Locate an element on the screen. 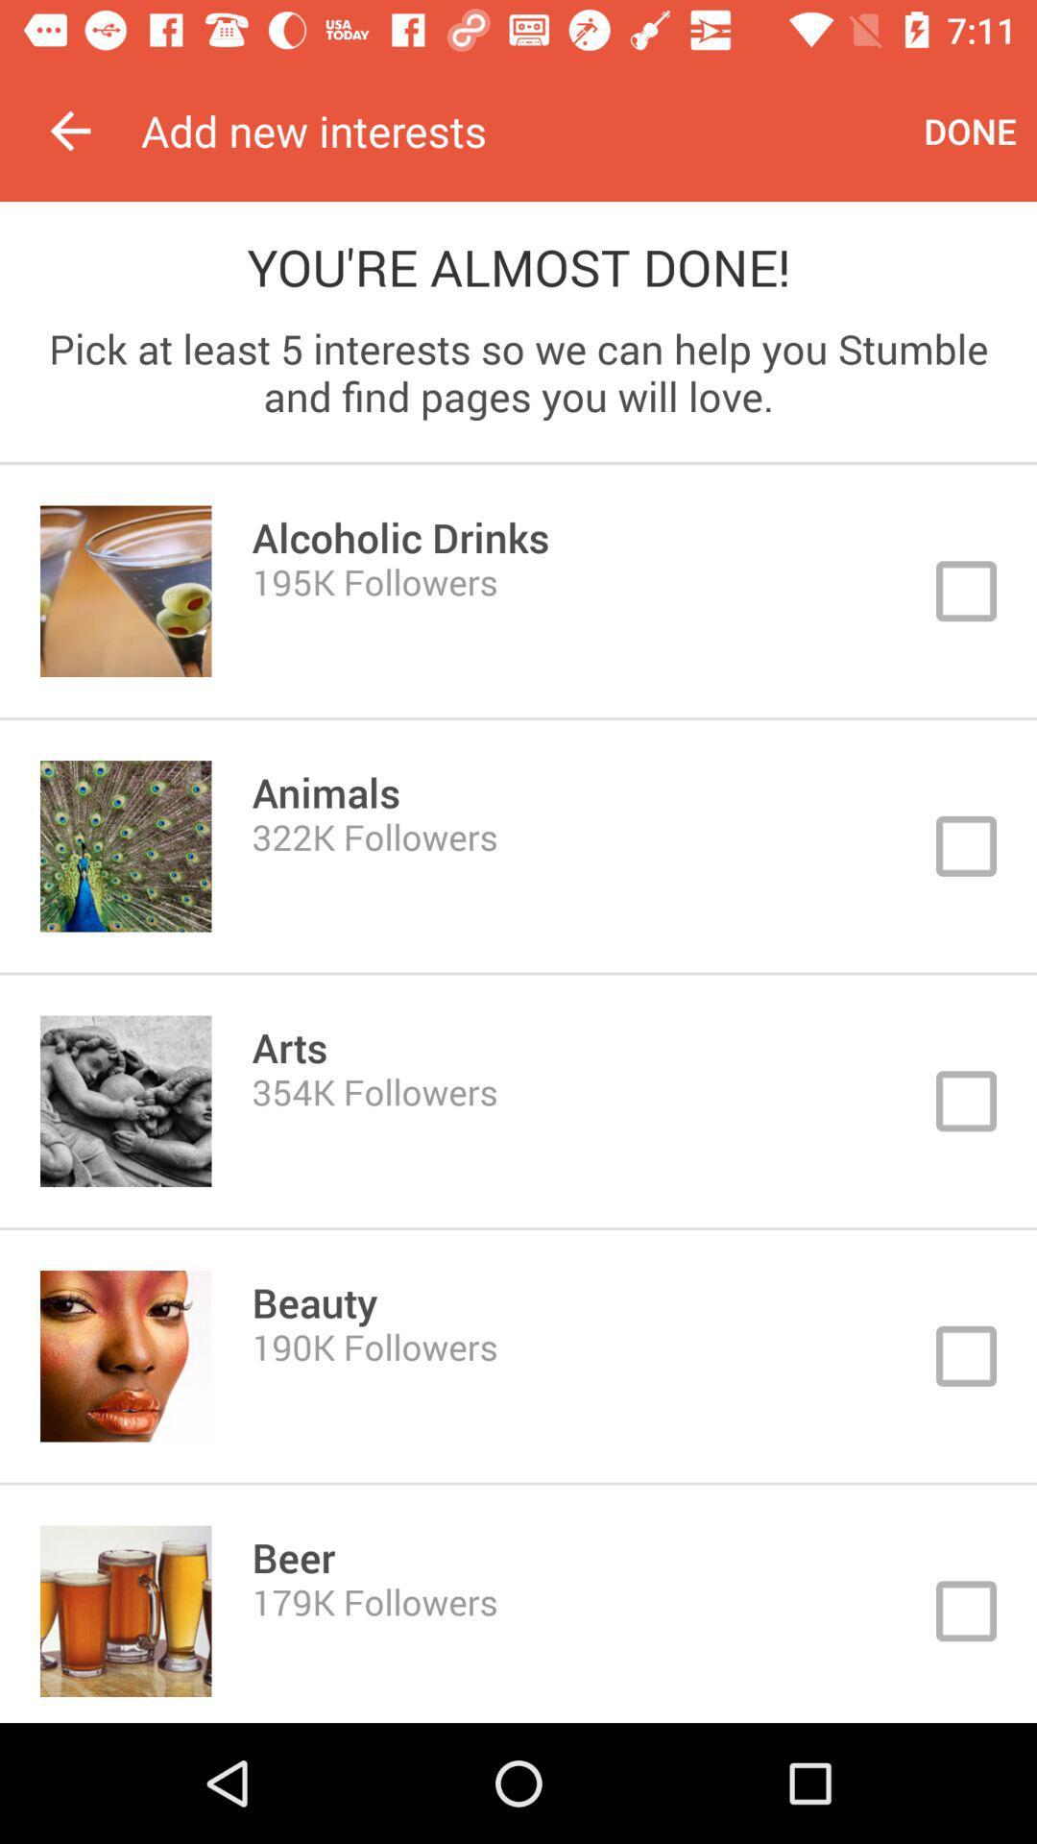 This screenshot has height=1844, width=1037. interest is located at coordinates (518, 590).